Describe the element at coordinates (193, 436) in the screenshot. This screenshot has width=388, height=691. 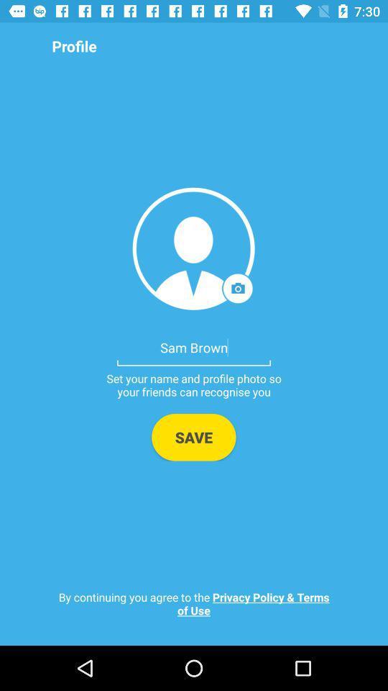
I see `the item above by continuing you item` at that location.